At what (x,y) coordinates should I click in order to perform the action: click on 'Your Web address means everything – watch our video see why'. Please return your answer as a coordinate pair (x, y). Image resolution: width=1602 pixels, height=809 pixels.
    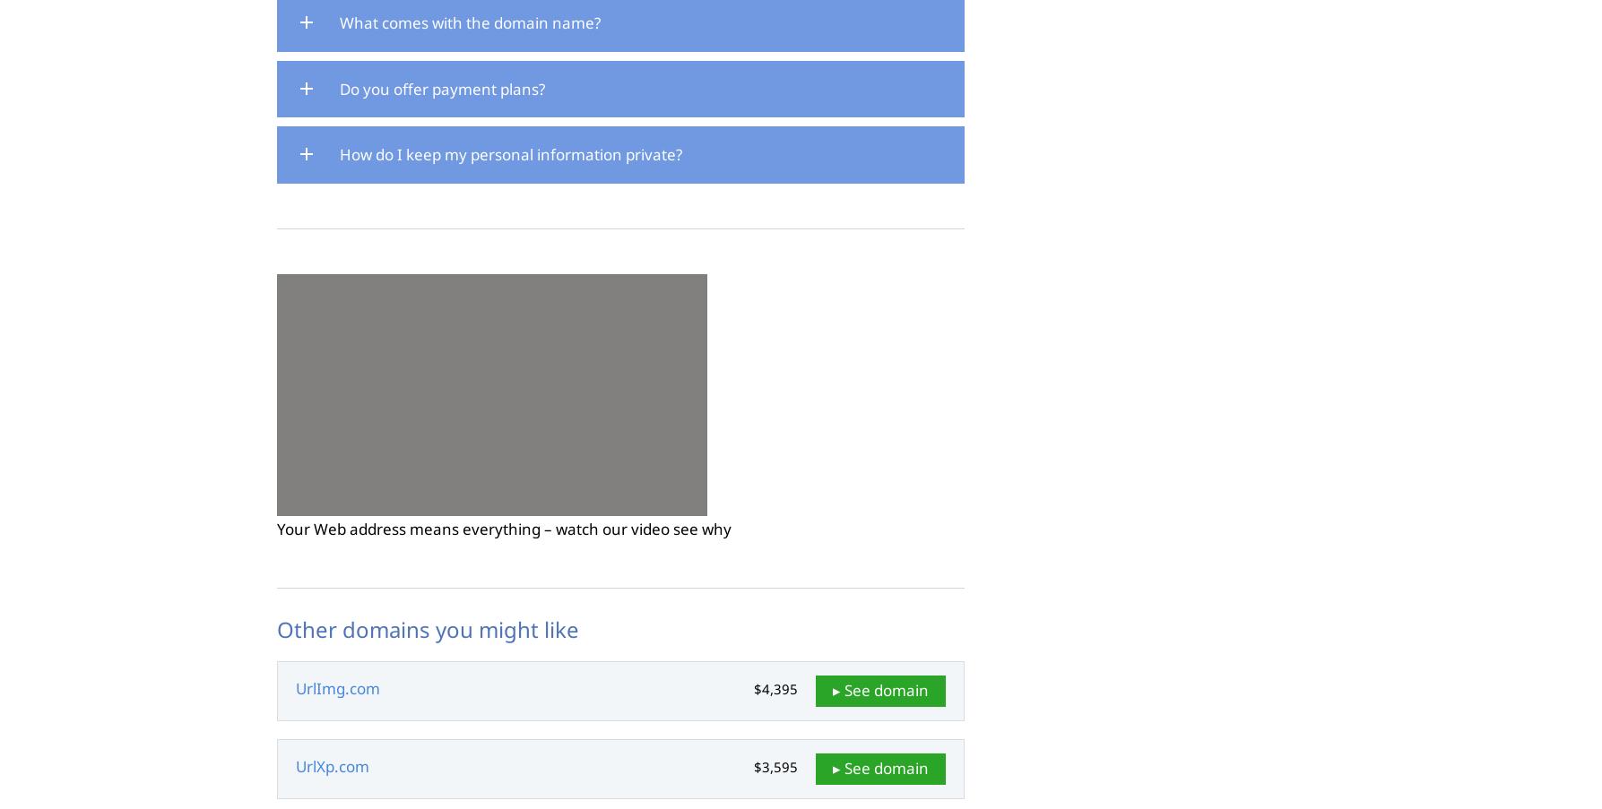
    Looking at the image, I should click on (502, 529).